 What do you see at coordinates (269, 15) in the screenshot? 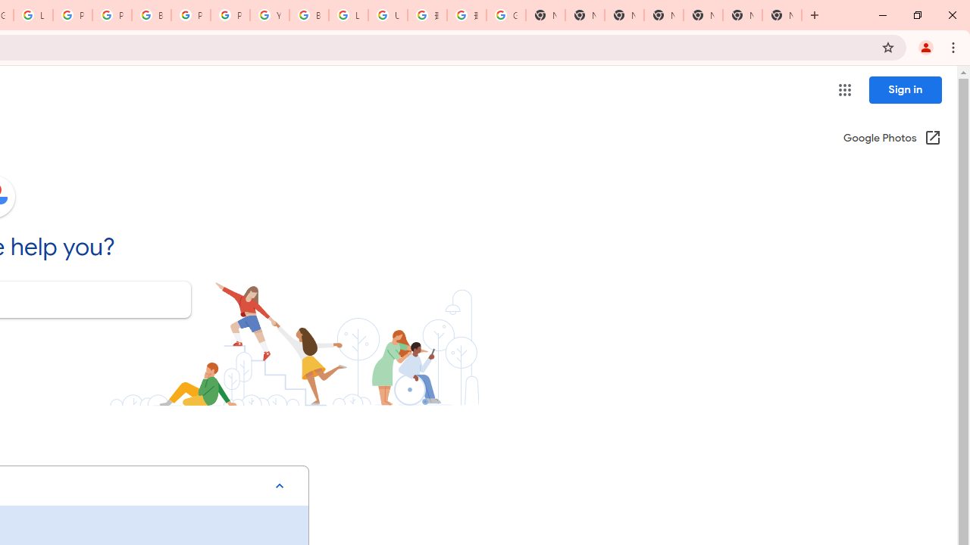
I see `'YouTube'` at bounding box center [269, 15].